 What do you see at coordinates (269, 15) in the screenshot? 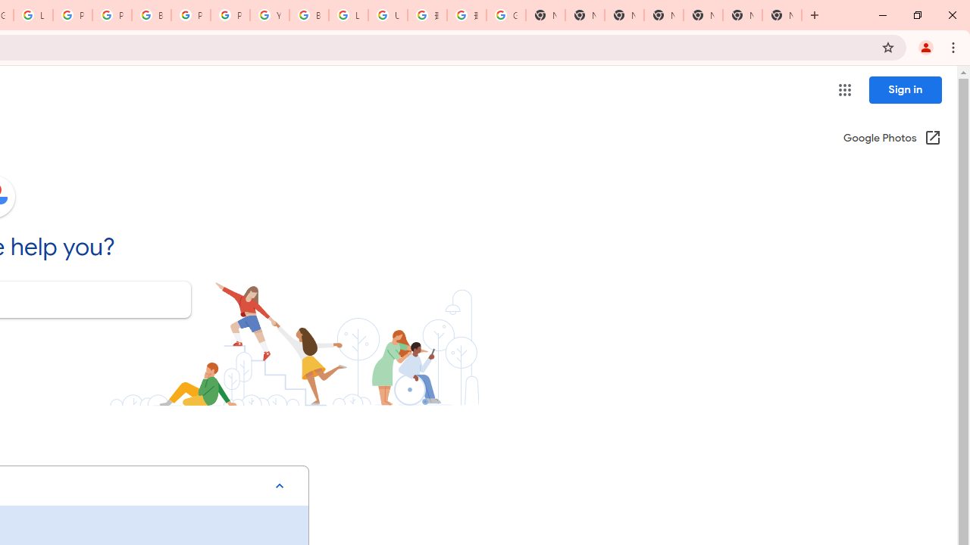
I see `'YouTube'` at bounding box center [269, 15].